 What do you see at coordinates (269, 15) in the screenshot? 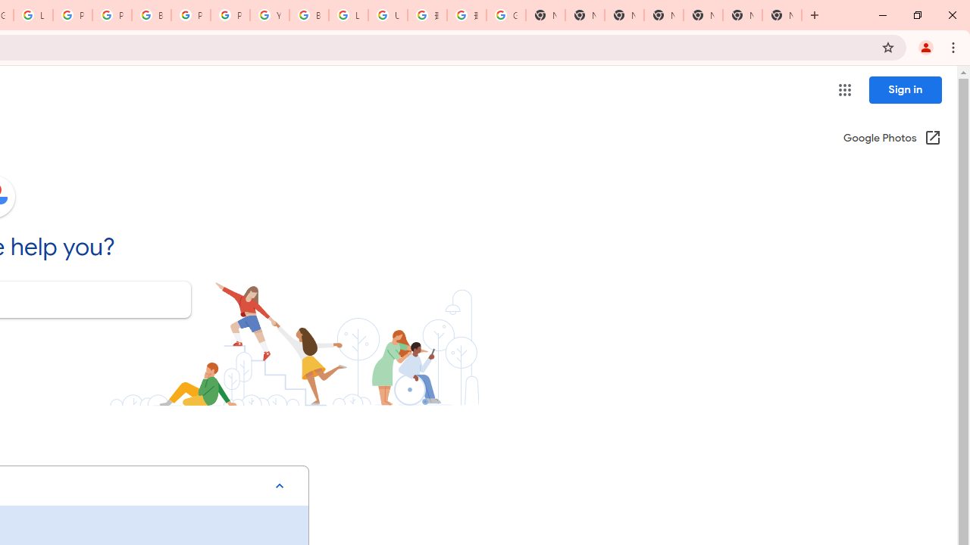
I see `'YouTube'` at bounding box center [269, 15].